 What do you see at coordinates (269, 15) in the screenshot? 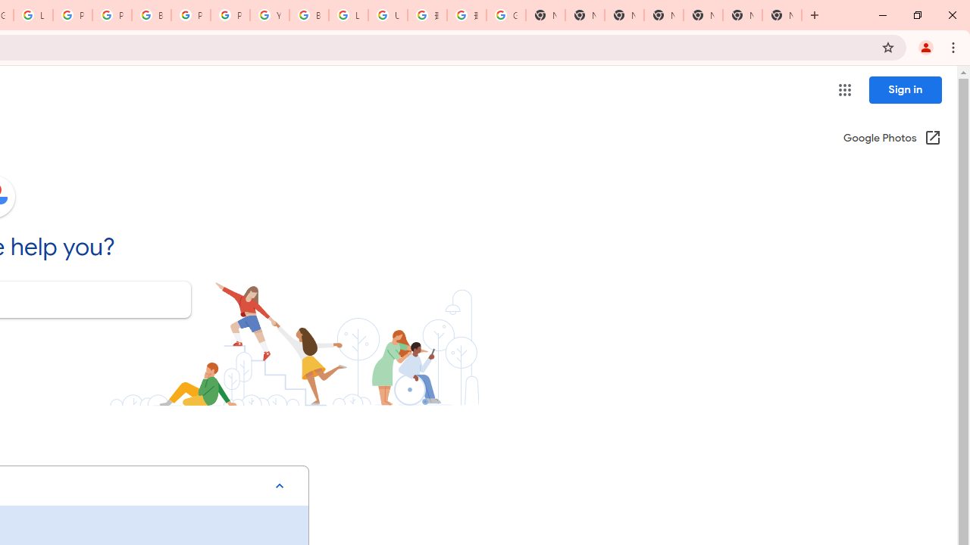
I see `'YouTube'` at bounding box center [269, 15].